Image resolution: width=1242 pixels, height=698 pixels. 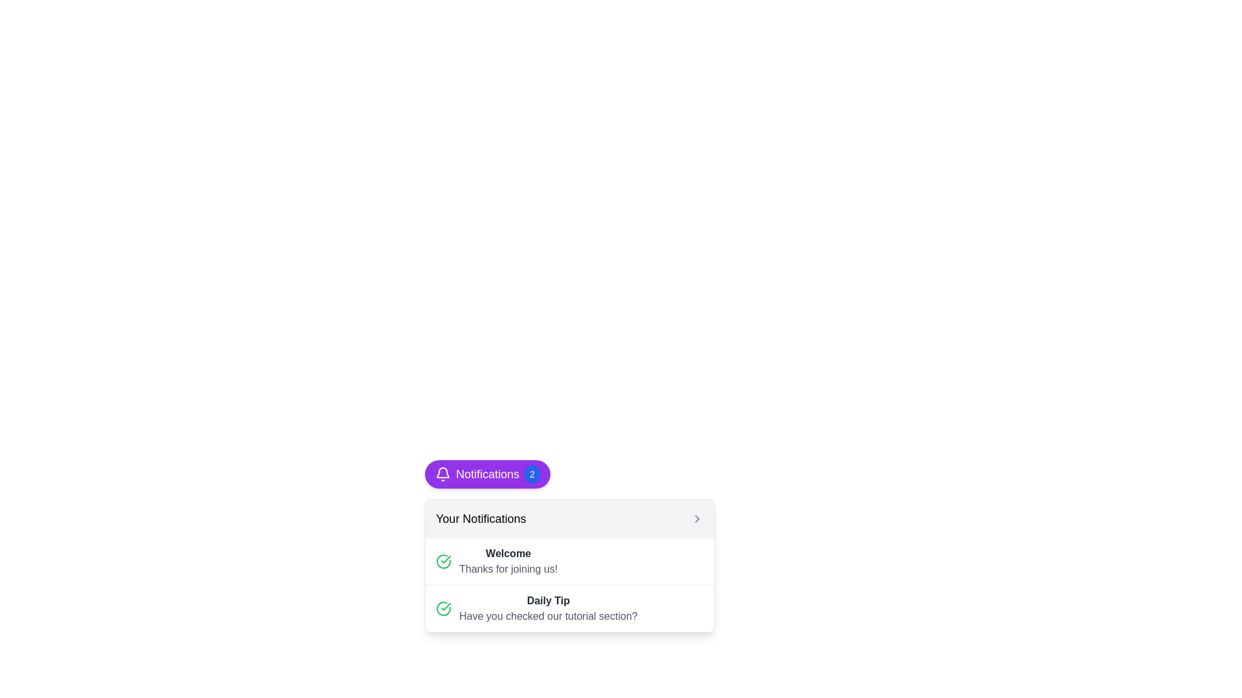 What do you see at coordinates (444, 560) in the screenshot?
I see `the green circular icon with a white checkmark in the notification panel, positioned to the left of the text 'Welcome' and above 'Thanks for joining us!'` at bounding box center [444, 560].